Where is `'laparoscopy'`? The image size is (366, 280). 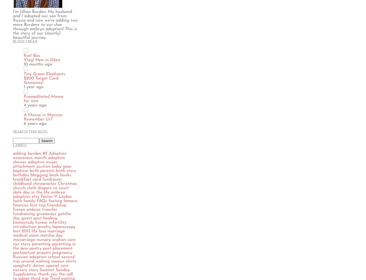
'laparoscopy' is located at coordinates (63, 226).